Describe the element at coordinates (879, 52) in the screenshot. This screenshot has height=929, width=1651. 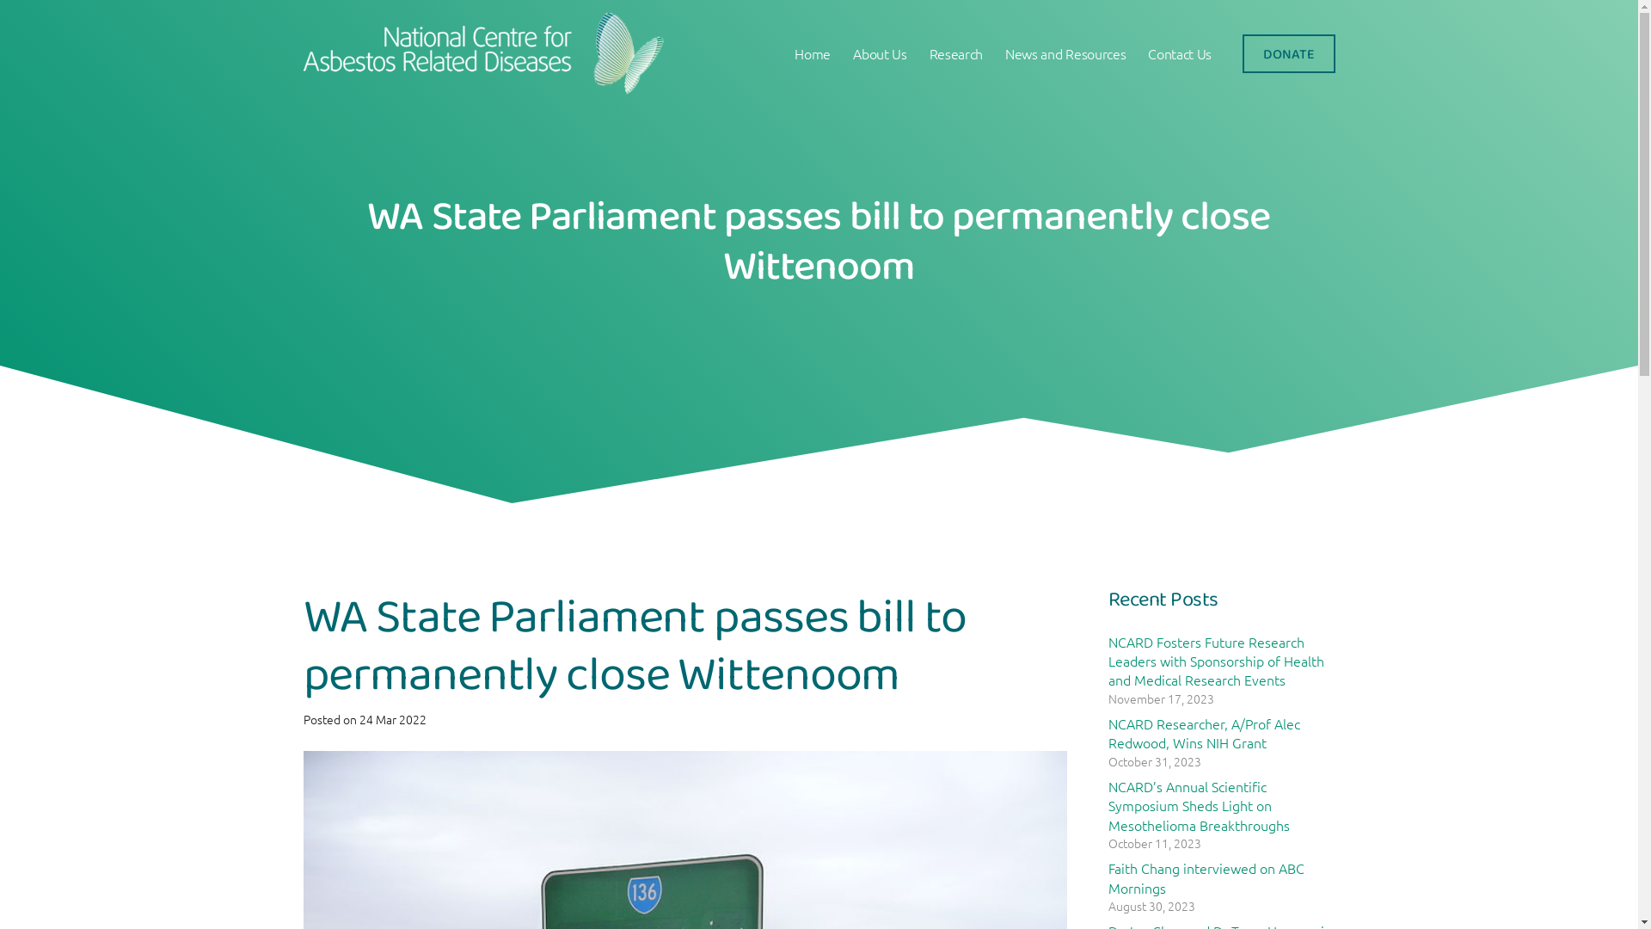
I see `'About Us'` at that location.